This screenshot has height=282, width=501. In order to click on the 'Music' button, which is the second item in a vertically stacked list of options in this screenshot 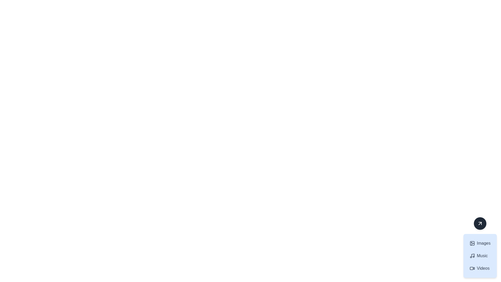, I will do `click(480, 255)`.